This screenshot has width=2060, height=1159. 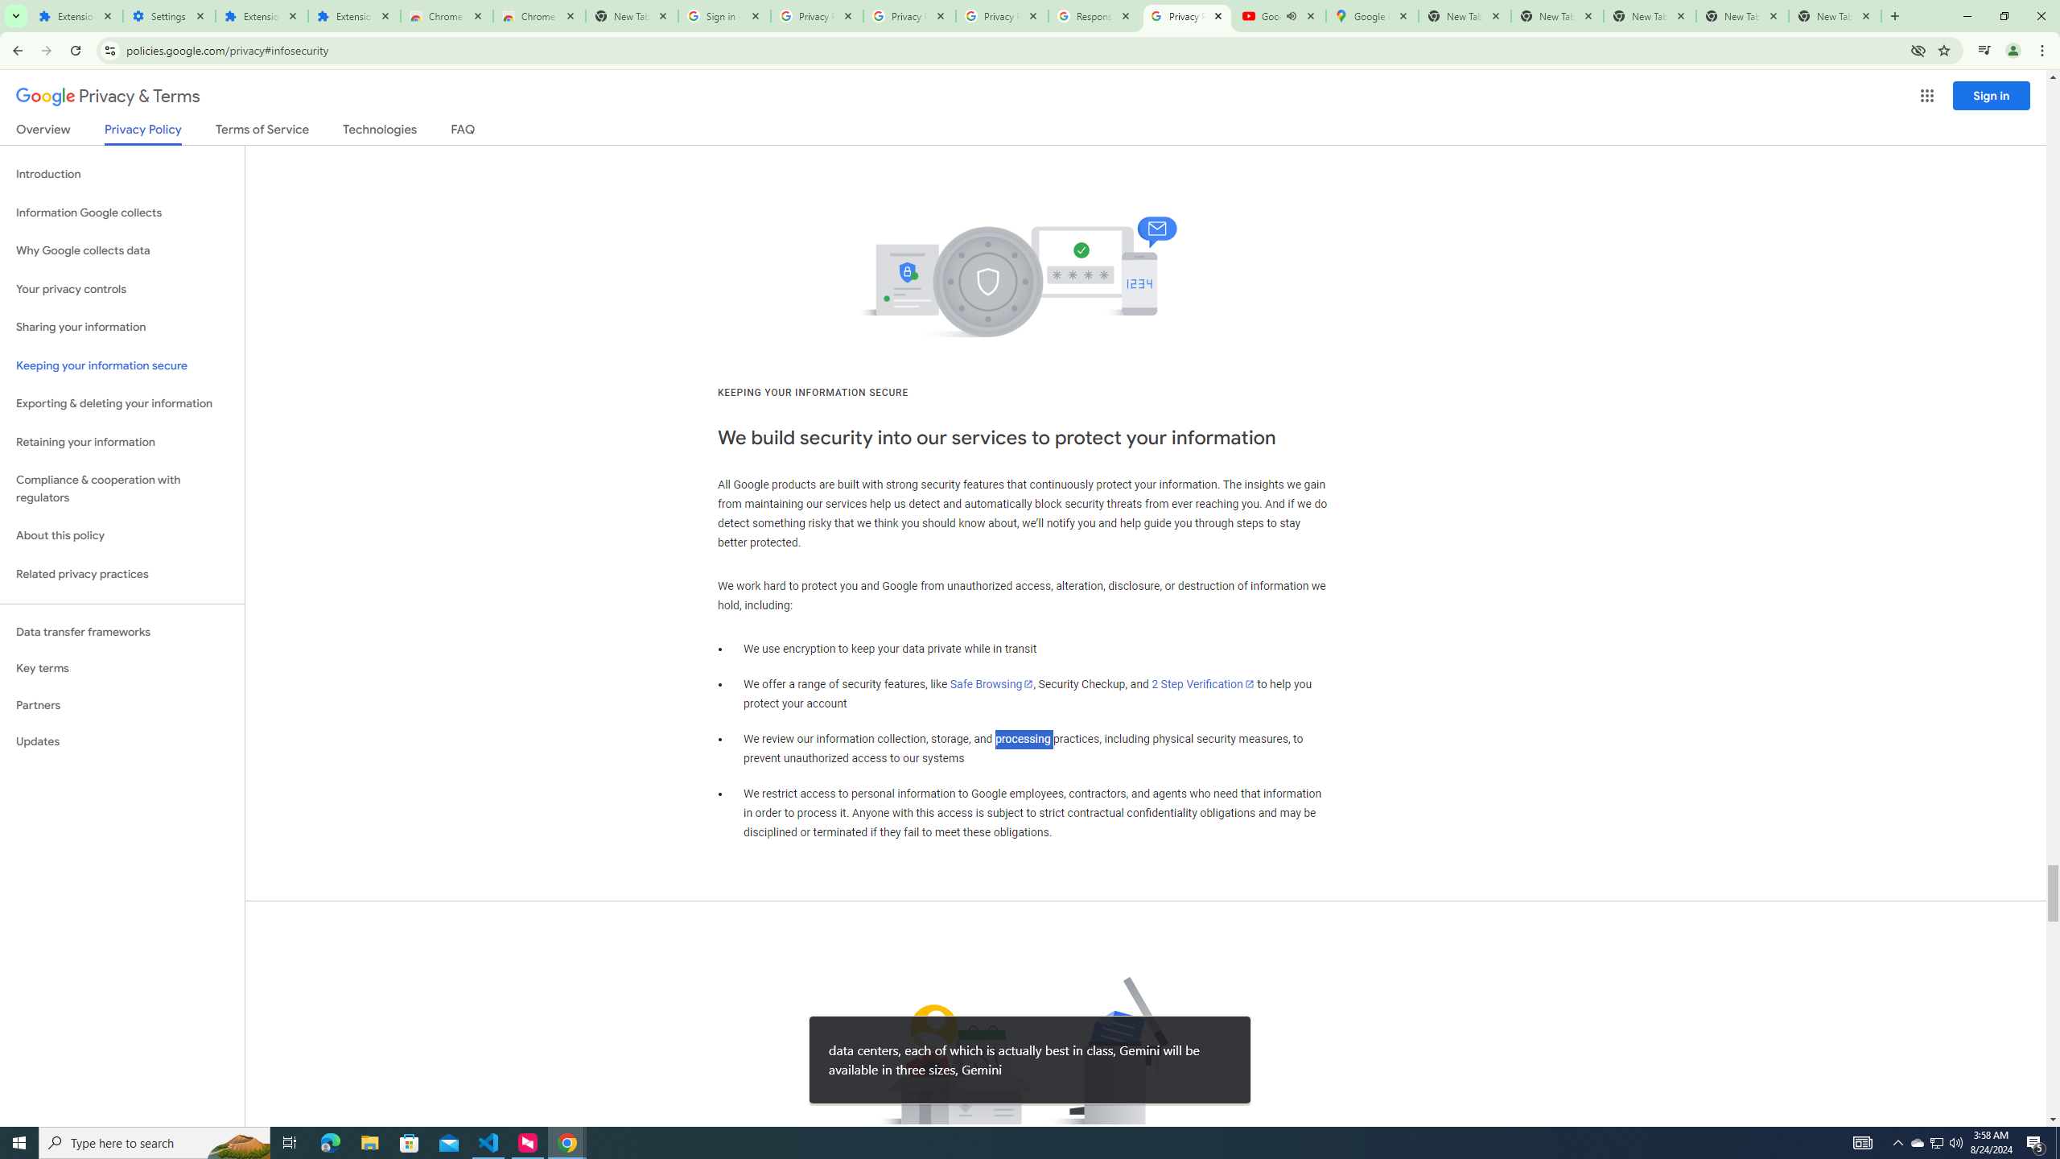 I want to click on 'Chrome Web Store', so click(x=446, y=15).